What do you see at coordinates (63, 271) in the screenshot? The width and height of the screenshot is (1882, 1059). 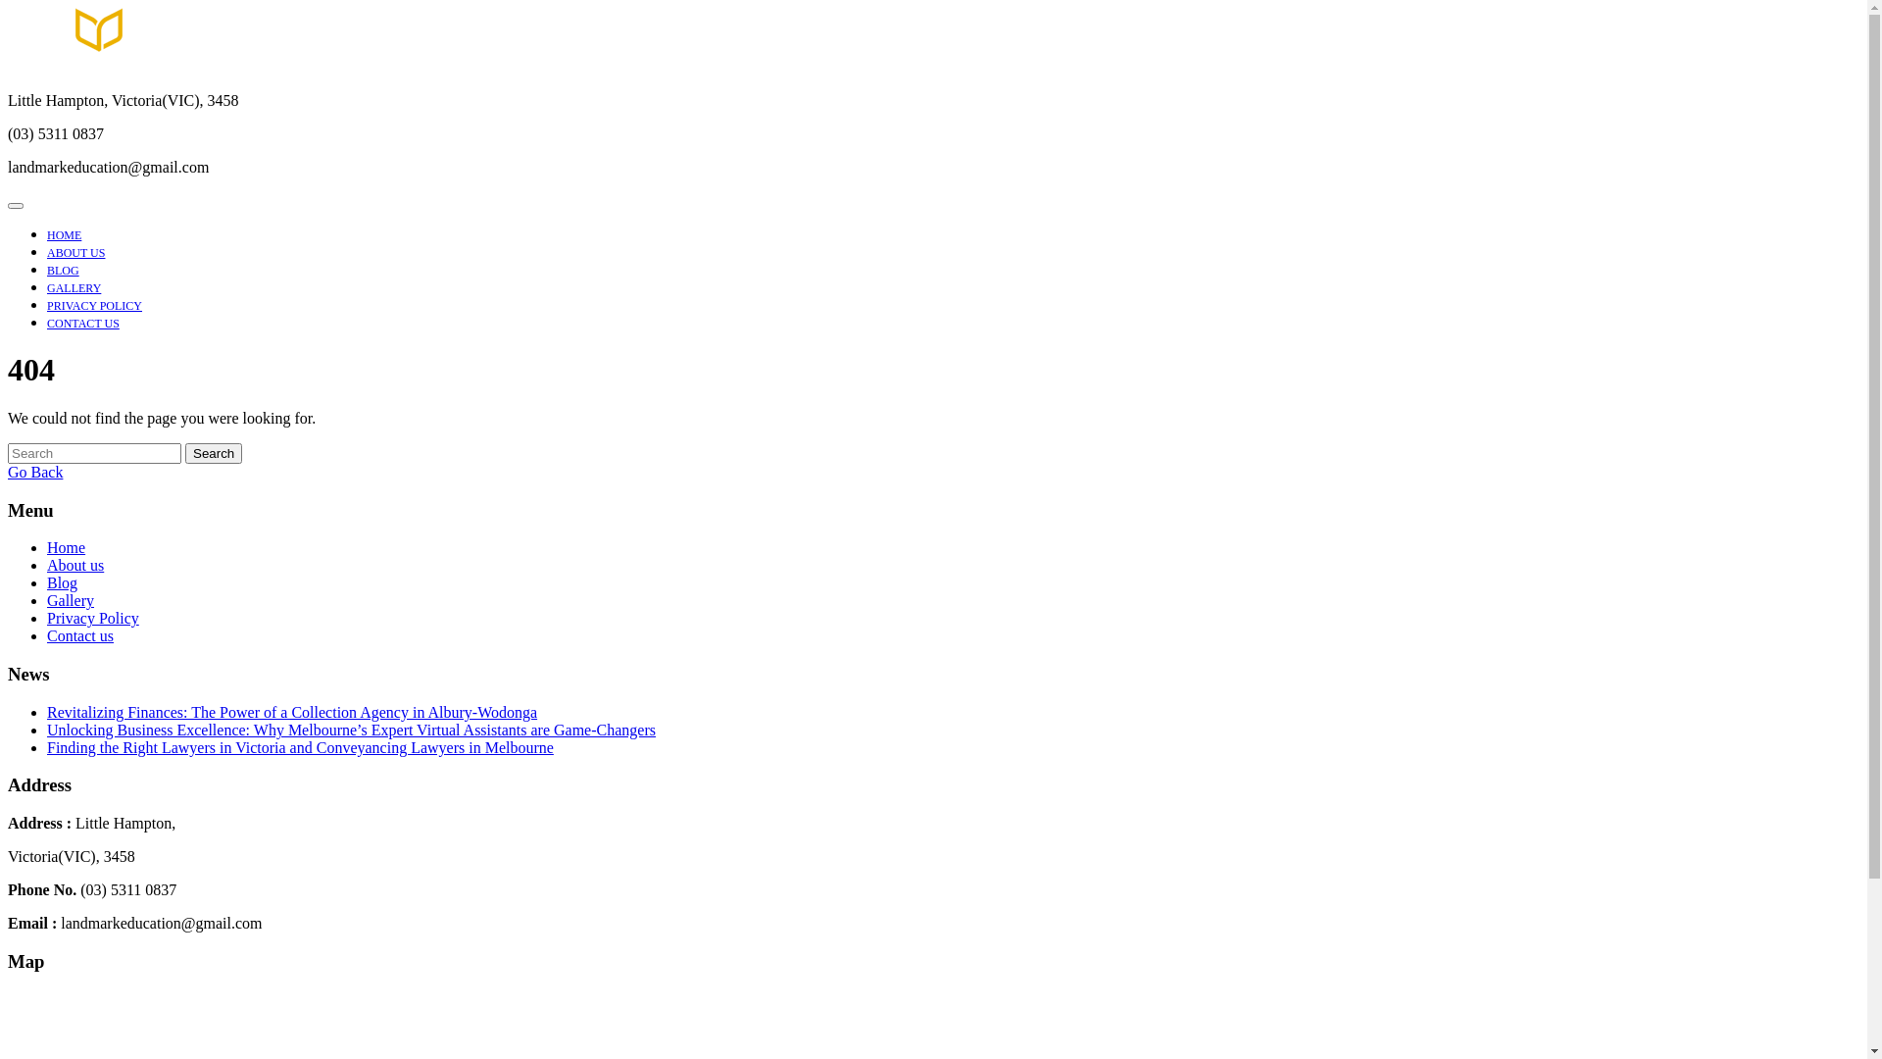 I see `'BLOG'` at bounding box center [63, 271].